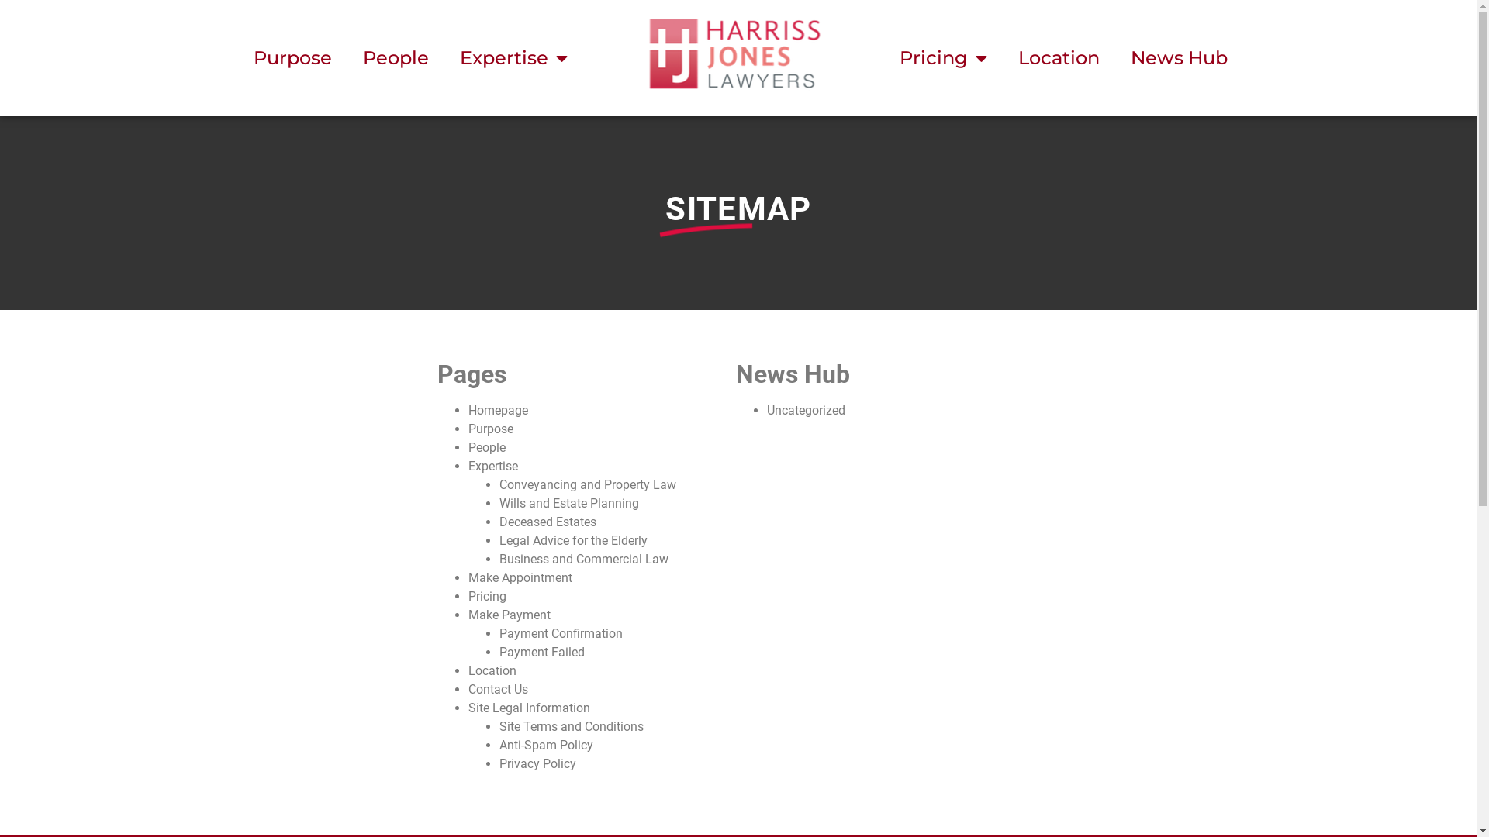 The image size is (1489, 837). Describe the element at coordinates (346, 57) in the screenshot. I see `'People'` at that location.